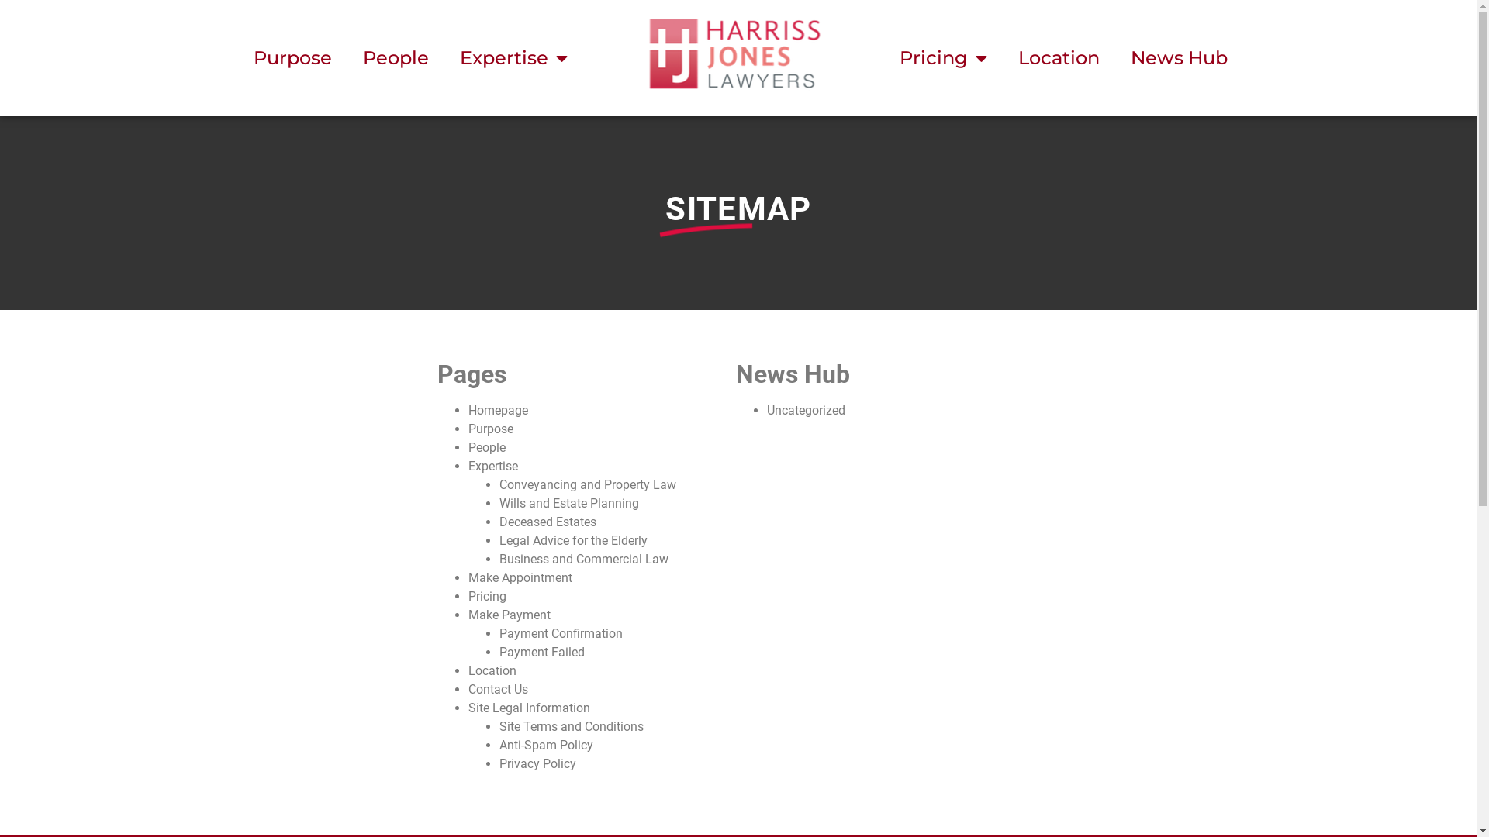 The image size is (1489, 837). Describe the element at coordinates (346, 57) in the screenshot. I see `'People'` at that location.